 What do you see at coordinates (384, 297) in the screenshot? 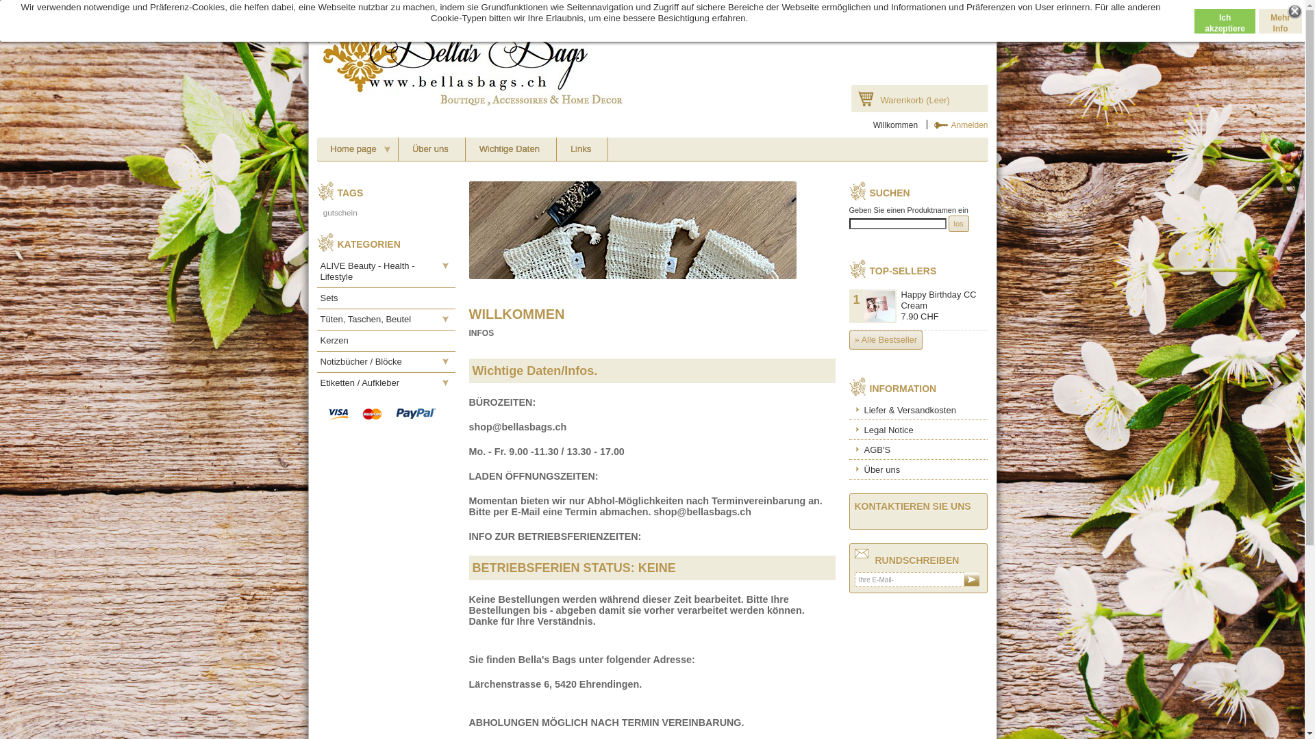
I see `'Sets'` at bounding box center [384, 297].